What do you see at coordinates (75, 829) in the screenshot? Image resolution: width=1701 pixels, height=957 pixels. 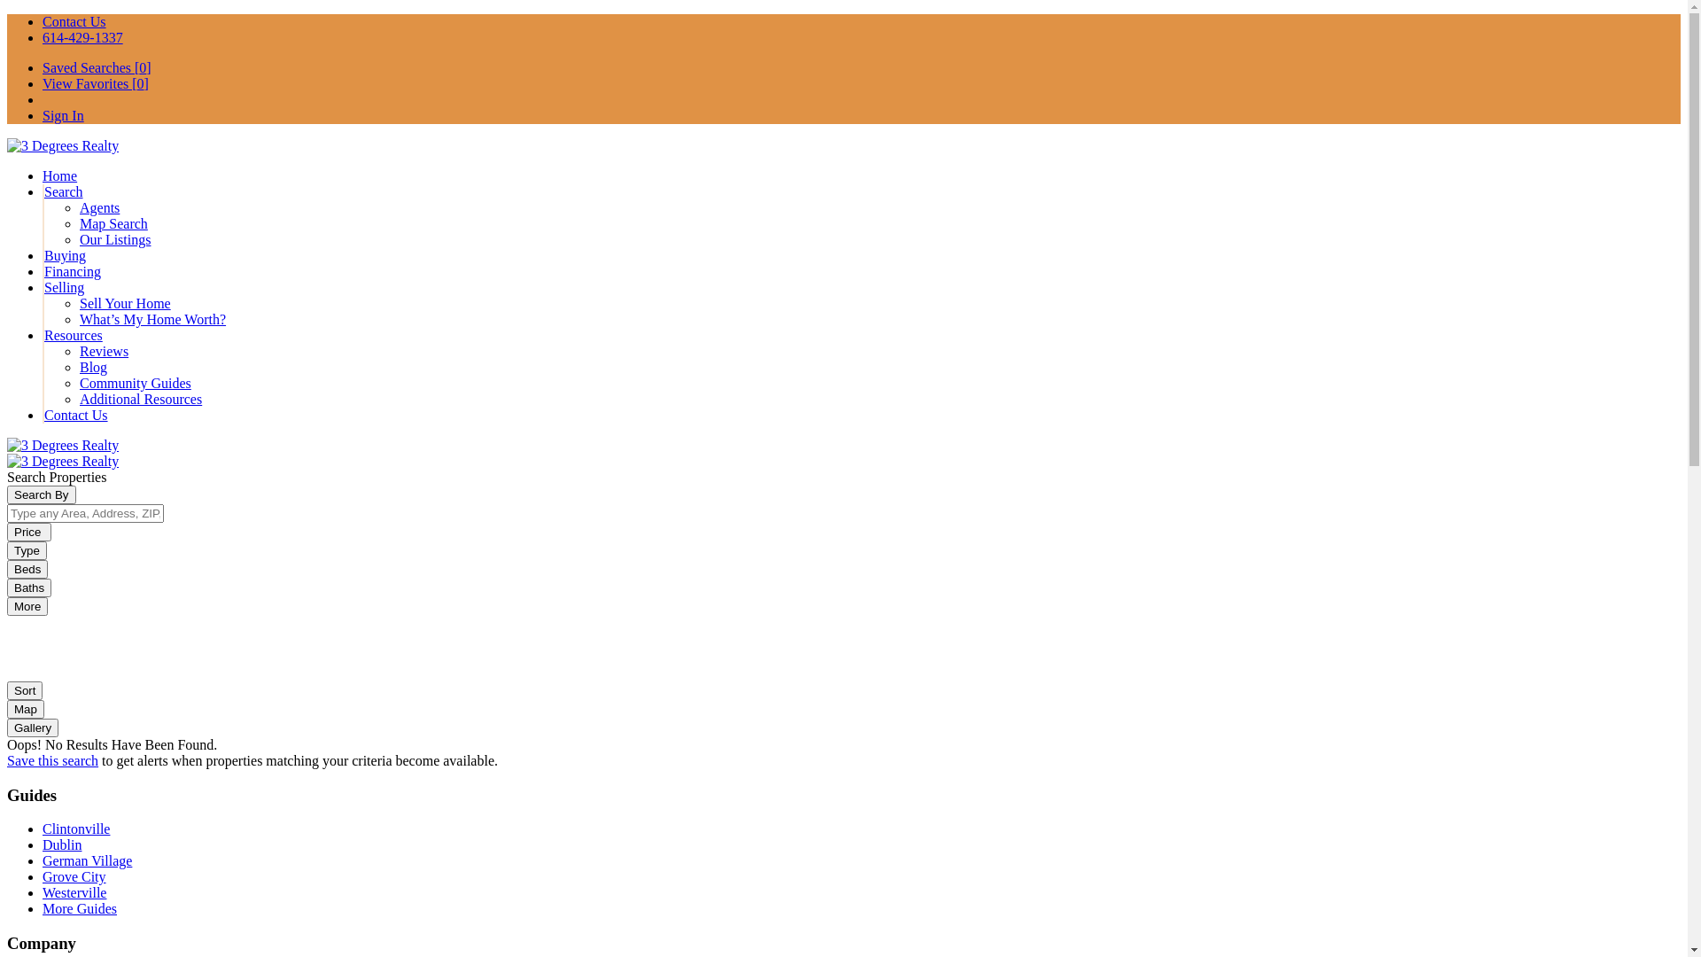 I see `'Clintonville'` at bounding box center [75, 829].